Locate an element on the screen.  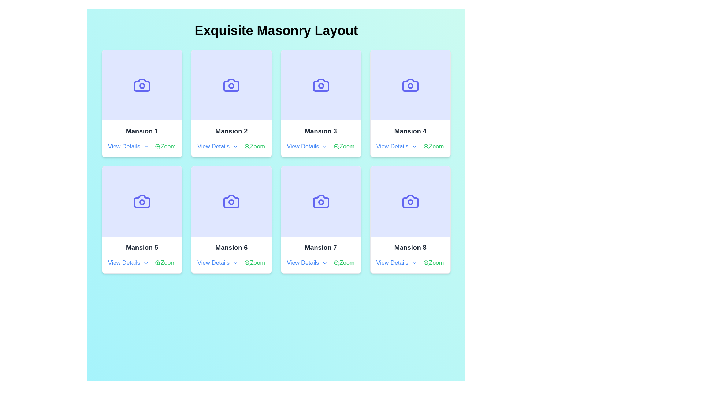
the indigo camera icon located within the 'Mansion 7' card in the second row, third column of the grid layout is located at coordinates (321, 202).